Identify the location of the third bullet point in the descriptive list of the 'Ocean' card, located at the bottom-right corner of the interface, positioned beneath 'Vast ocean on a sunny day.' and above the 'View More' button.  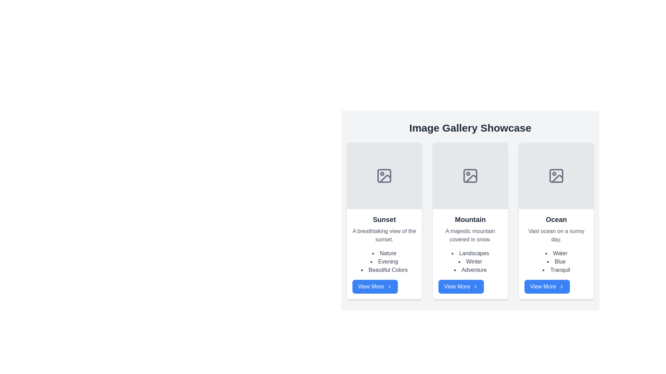
(556, 269).